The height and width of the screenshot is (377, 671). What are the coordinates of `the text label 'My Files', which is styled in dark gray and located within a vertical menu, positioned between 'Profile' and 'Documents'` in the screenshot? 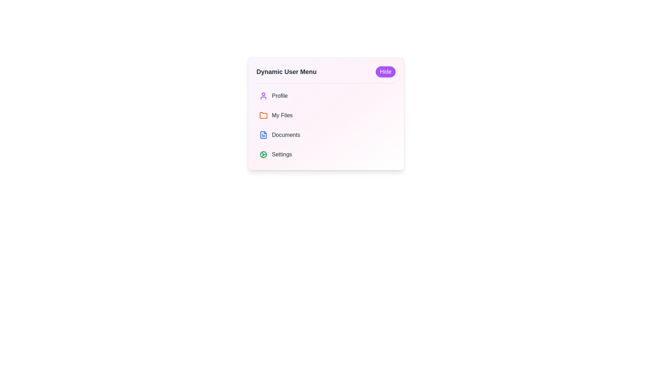 It's located at (282, 115).